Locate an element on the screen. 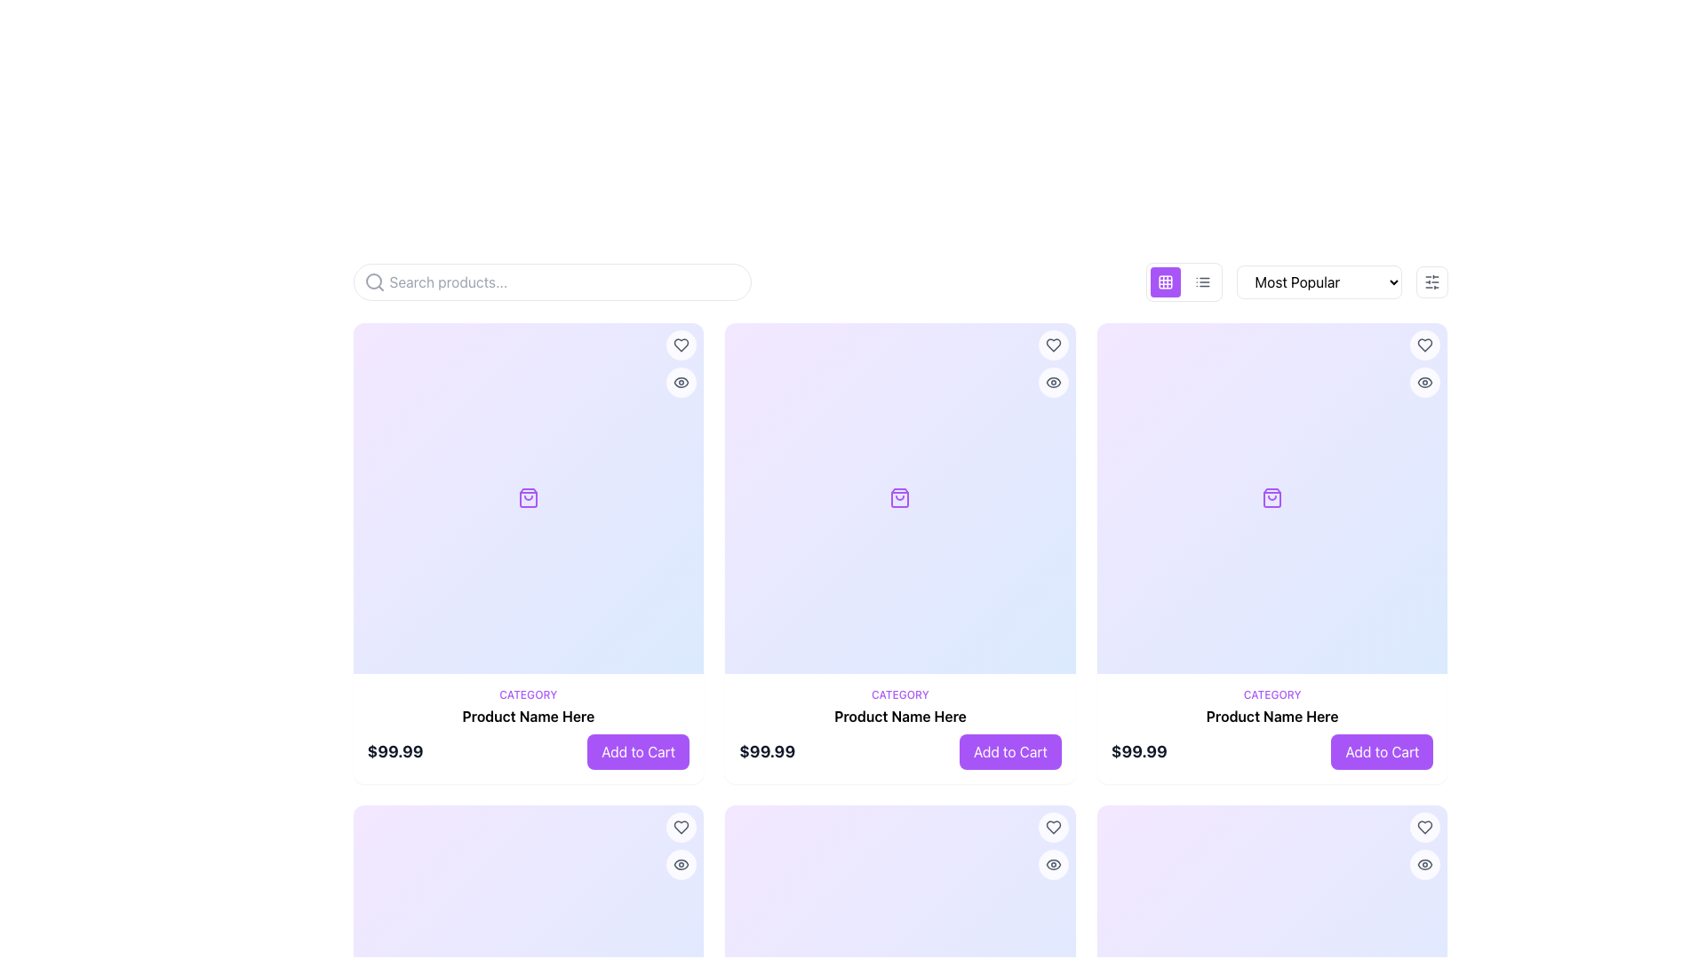  the eye icon button located is located at coordinates (1053, 863).